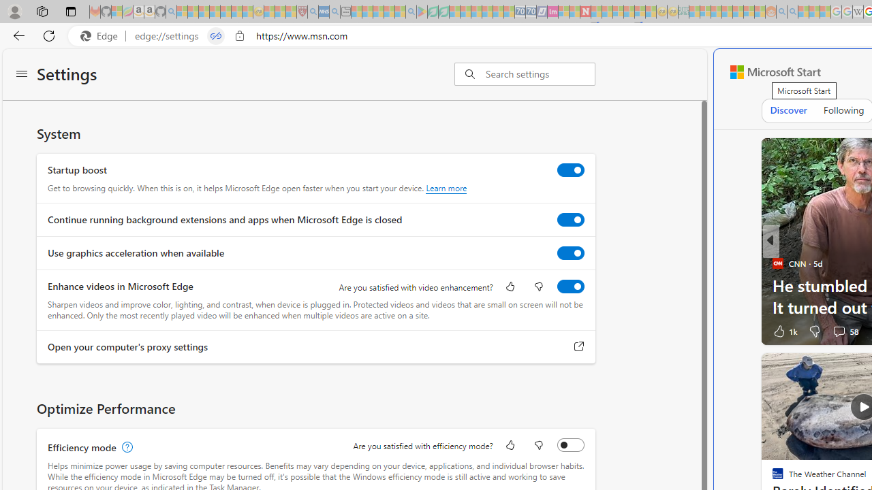 The height and width of the screenshot is (490, 872). I want to click on 'Utah sues federal government - Search - Sleeping', so click(792, 12).